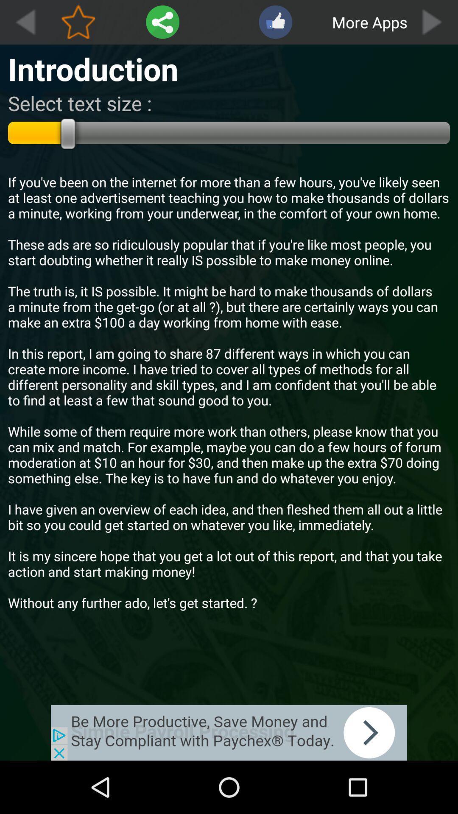  What do you see at coordinates (433, 22) in the screenshot?
I see `the boxs` at bounding box center [433, 22].